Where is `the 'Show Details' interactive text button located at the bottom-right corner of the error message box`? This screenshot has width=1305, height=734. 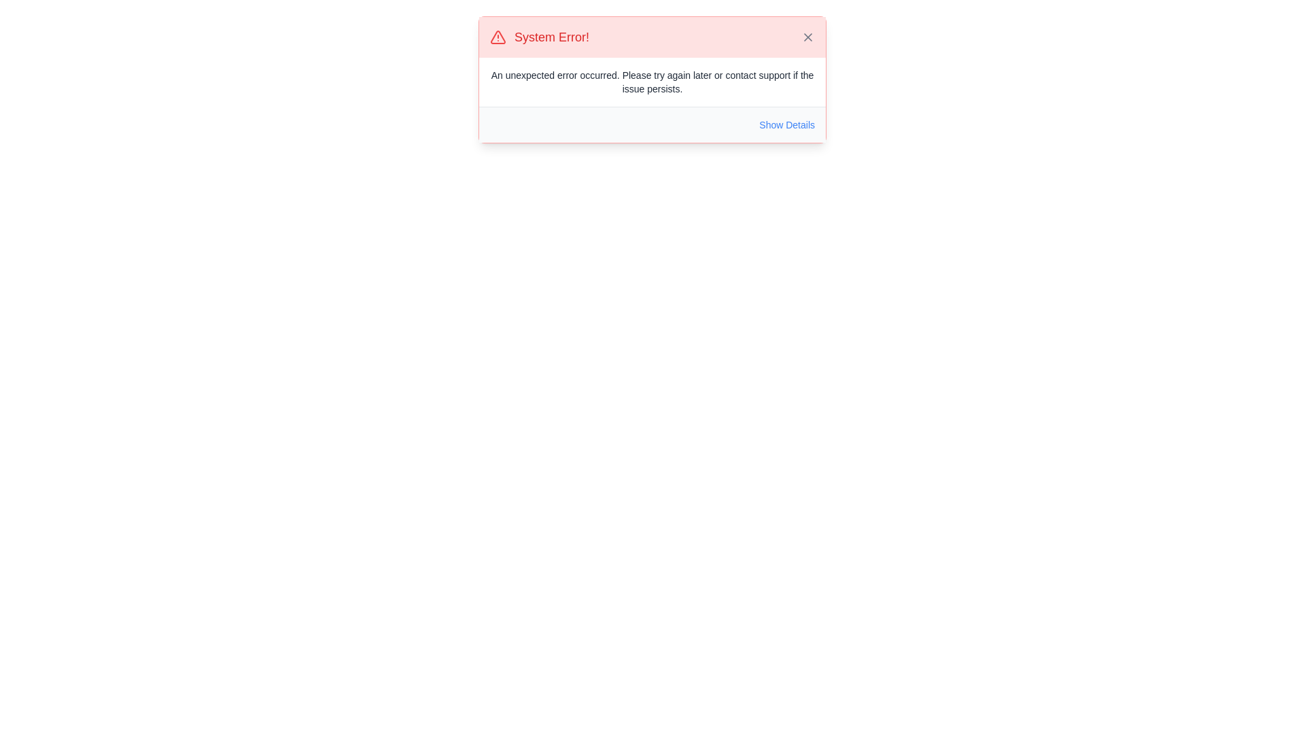
the 'Show Details' interactive text button located at the bottom-right corner of the error message box is located at coordinates (786, 125).